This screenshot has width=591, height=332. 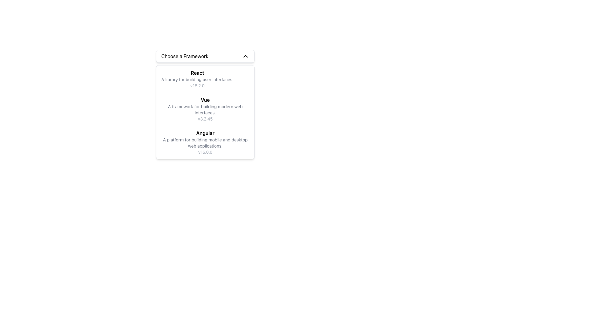 I want to click on the List Item element titled 'Angular', which is the third item in the 'Choose a Framework' section, so click(x=205, y=142).